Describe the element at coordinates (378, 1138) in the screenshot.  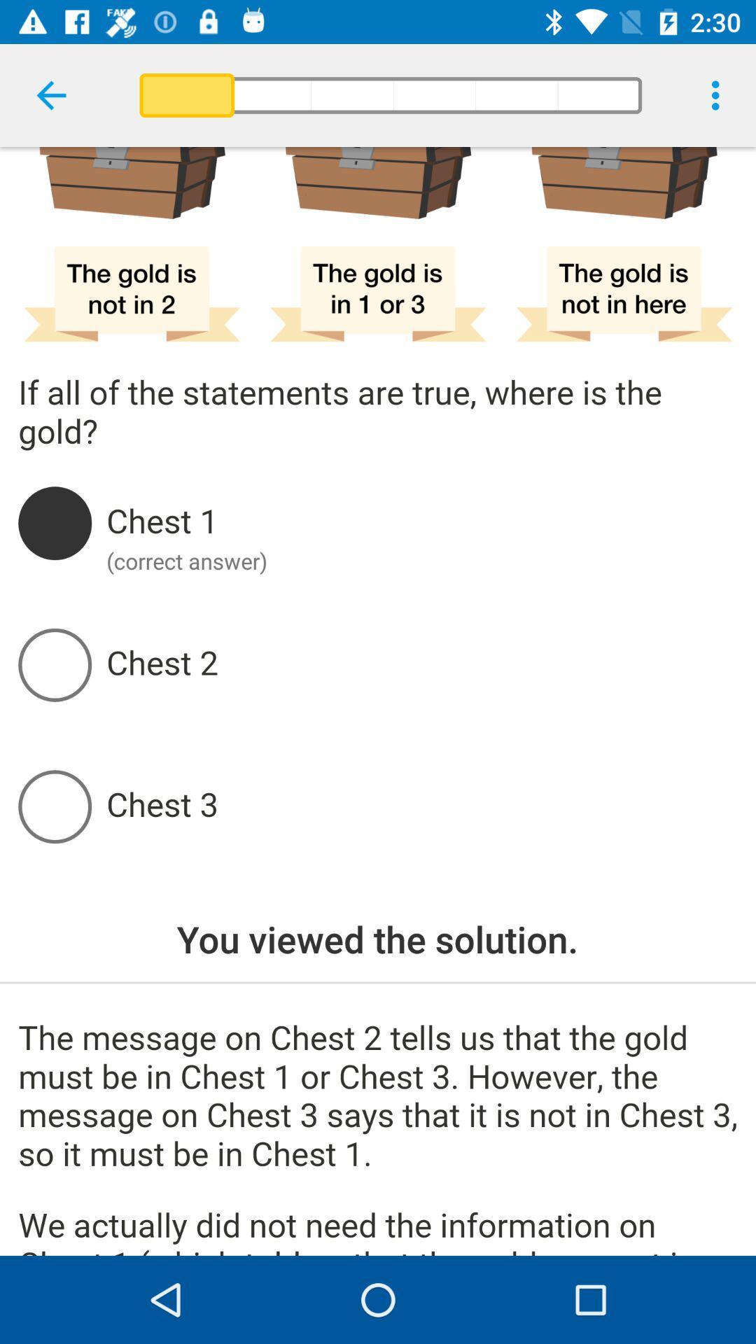
I see `the message` at that location.